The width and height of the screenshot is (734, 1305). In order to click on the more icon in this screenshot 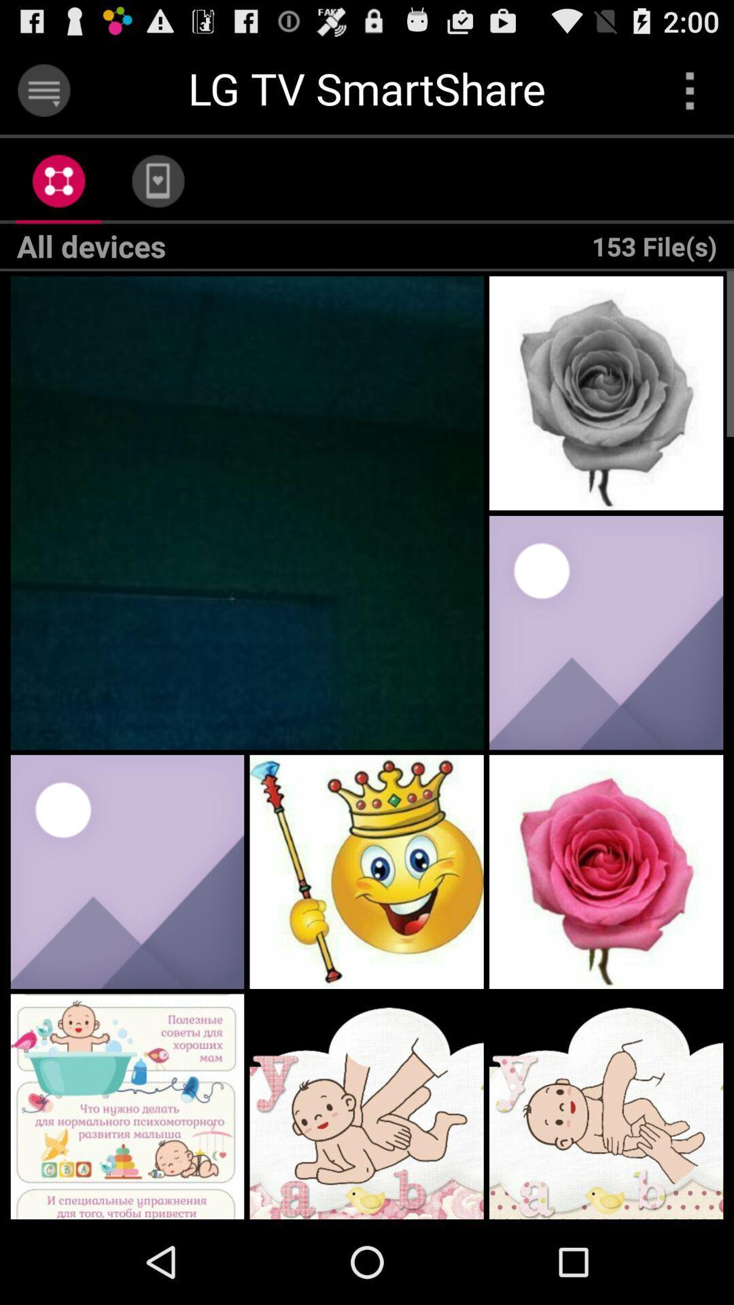, I will do `click(690, 96)`.